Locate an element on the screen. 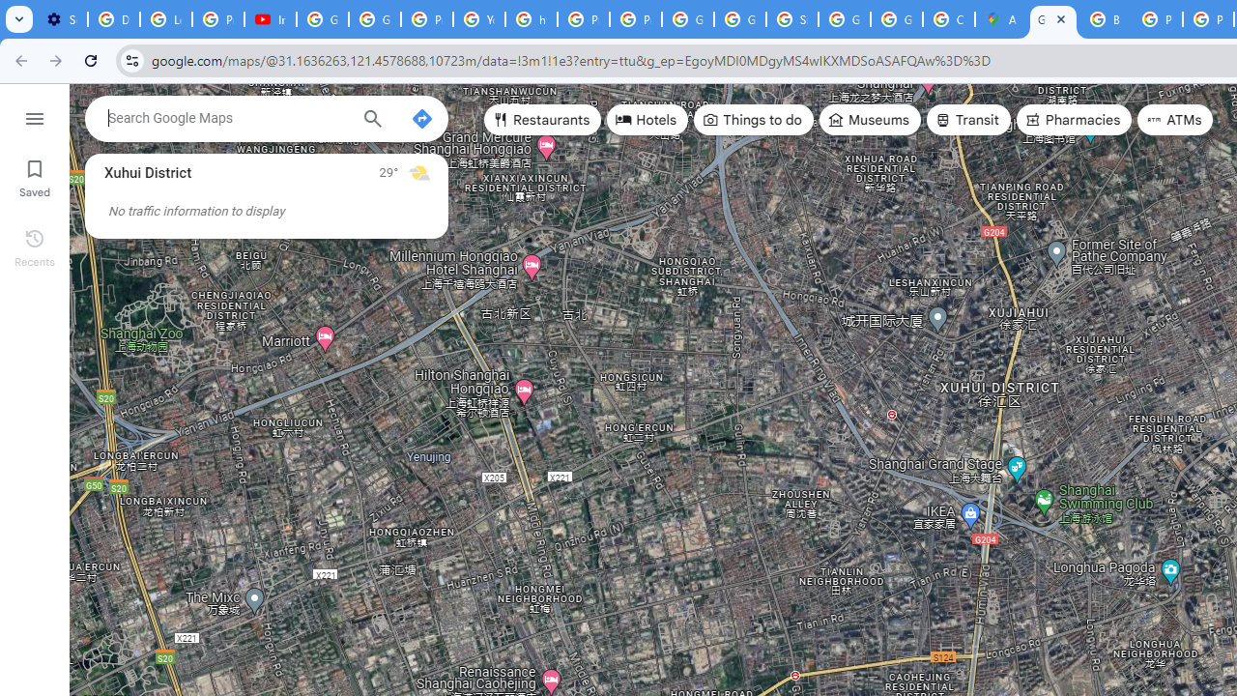 This screenshot has width=1237, height=696. 'Museums' is located at coordinates (869, 120).